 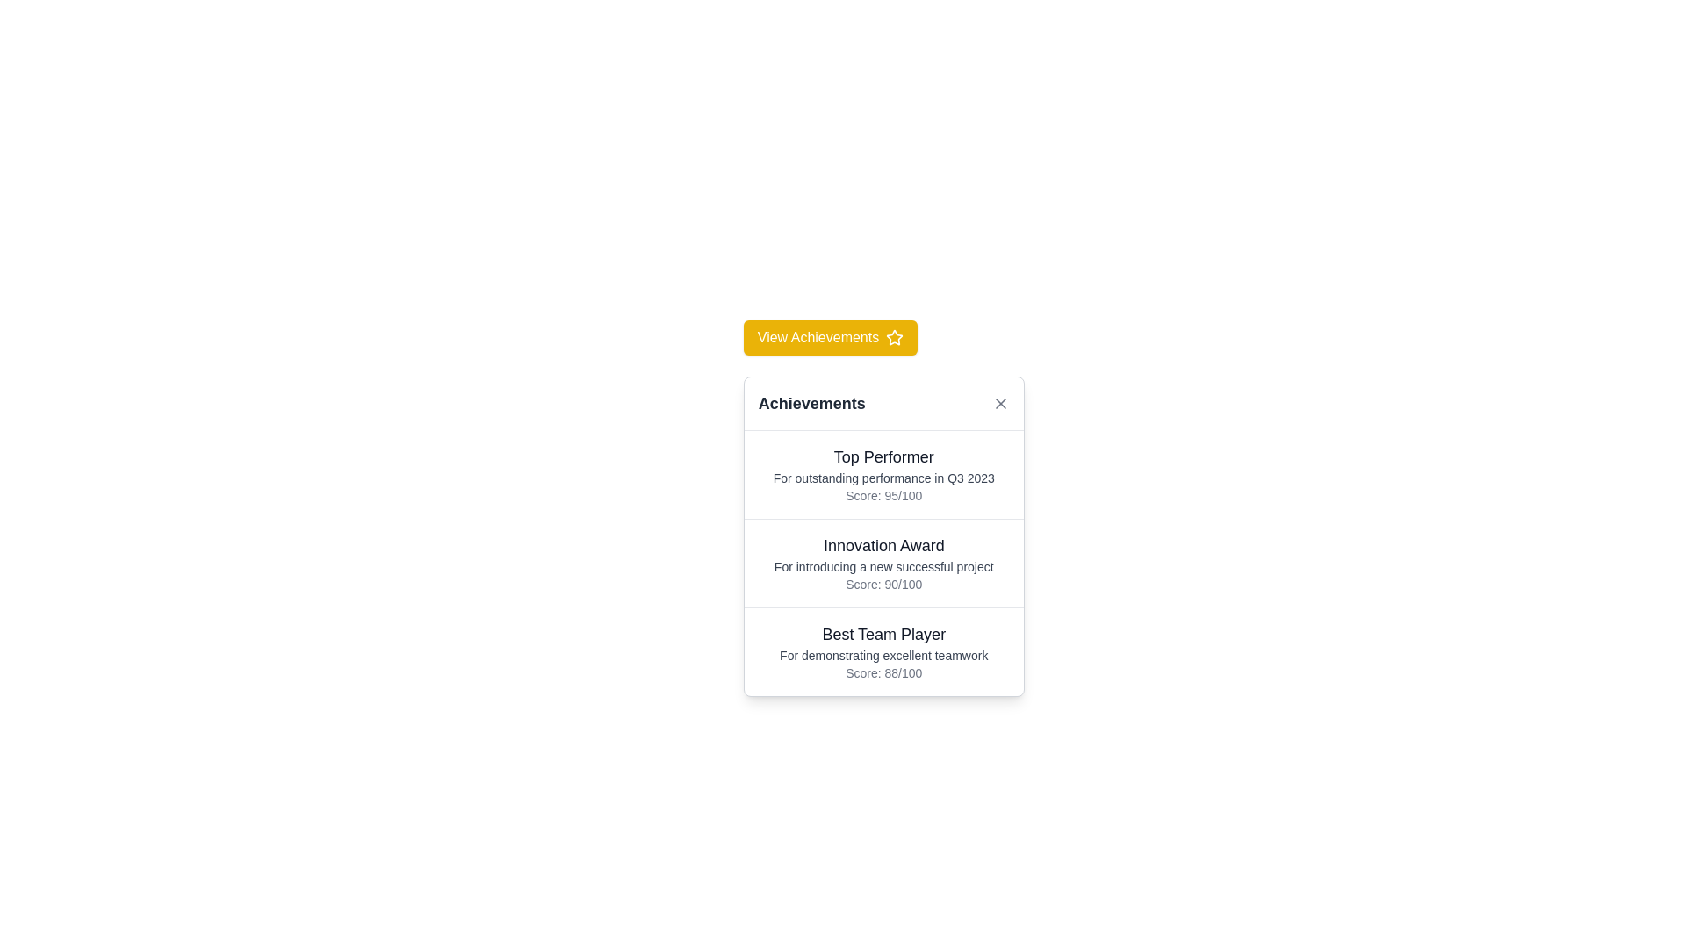 What do you see at coordinates (883, 651) in the screenshot?
I see `the third Text Component in the 'Achievements' section that describes an award, specifically located between the 'Innovation Award' and the bottom padding` at bounding box center [883, 651].